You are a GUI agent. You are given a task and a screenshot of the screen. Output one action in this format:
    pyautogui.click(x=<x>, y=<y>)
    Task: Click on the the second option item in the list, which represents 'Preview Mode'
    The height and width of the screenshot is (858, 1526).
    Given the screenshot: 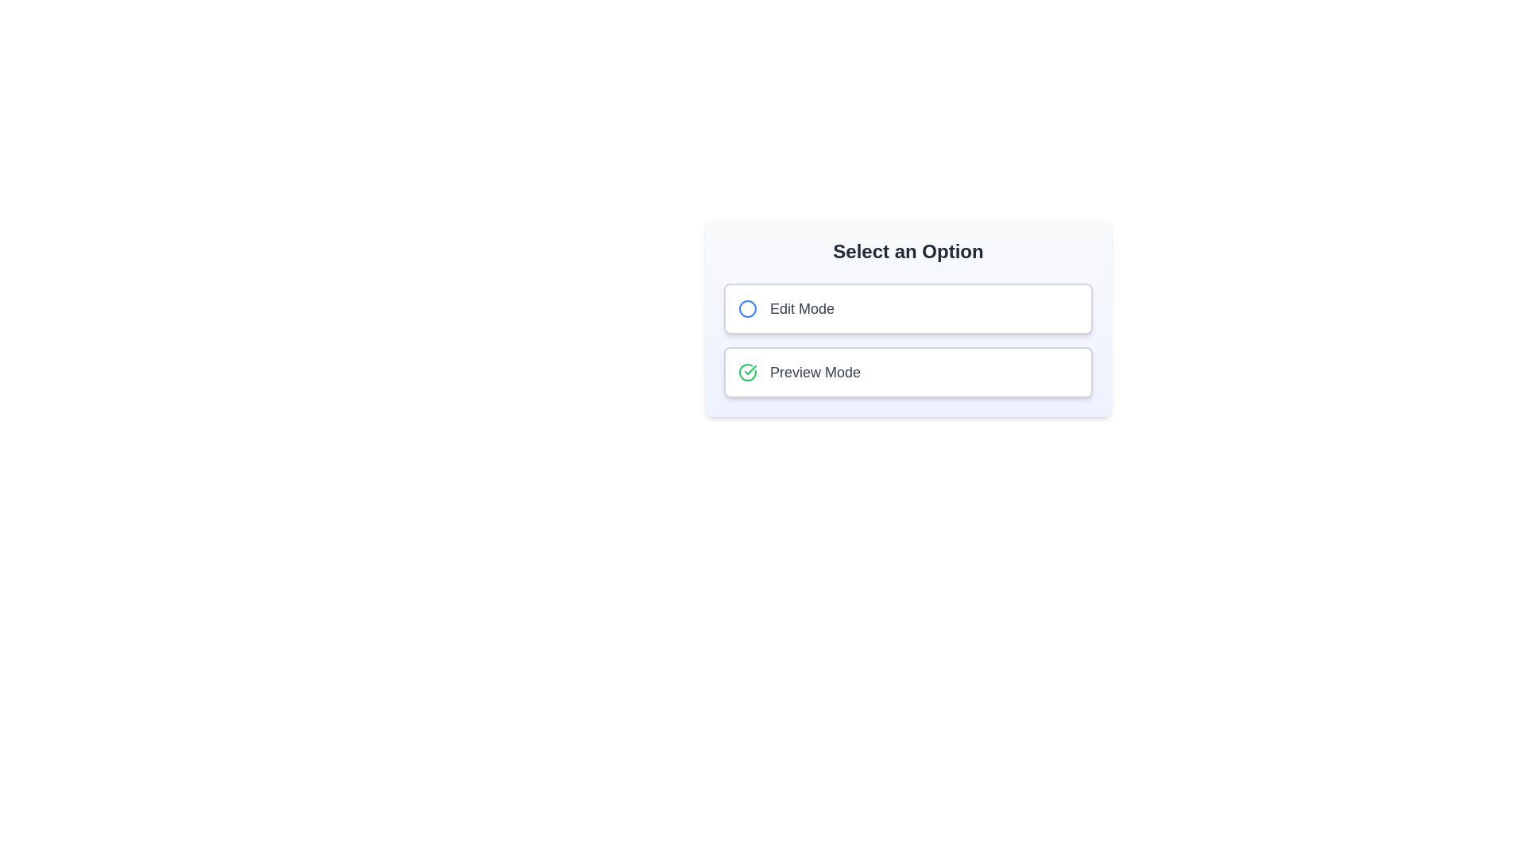 What is the action you would take?
    pyautogui.click(x=800, y=373)
    